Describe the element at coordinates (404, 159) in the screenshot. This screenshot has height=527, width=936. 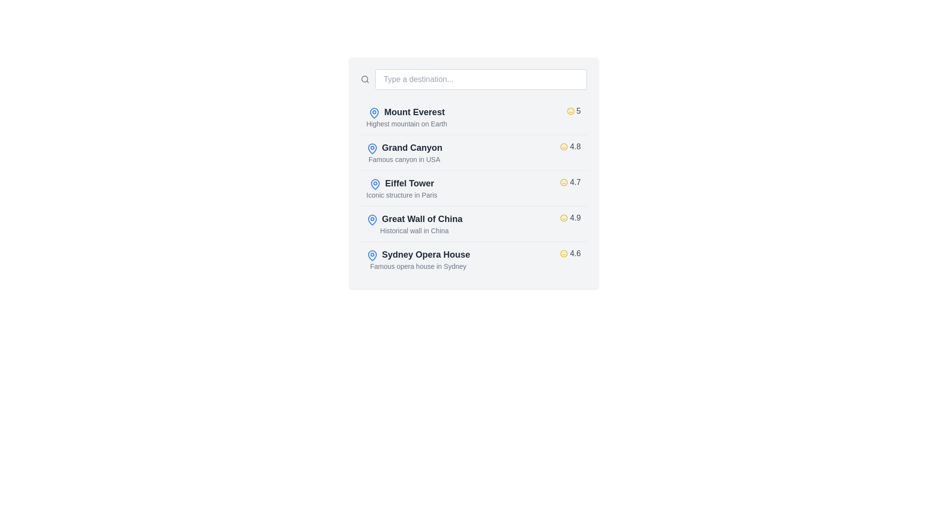
I see `the text label providing supplementary information for the 'Grand Canyon' entry in the list, located below the 'Grand Canyon' title` at that location.